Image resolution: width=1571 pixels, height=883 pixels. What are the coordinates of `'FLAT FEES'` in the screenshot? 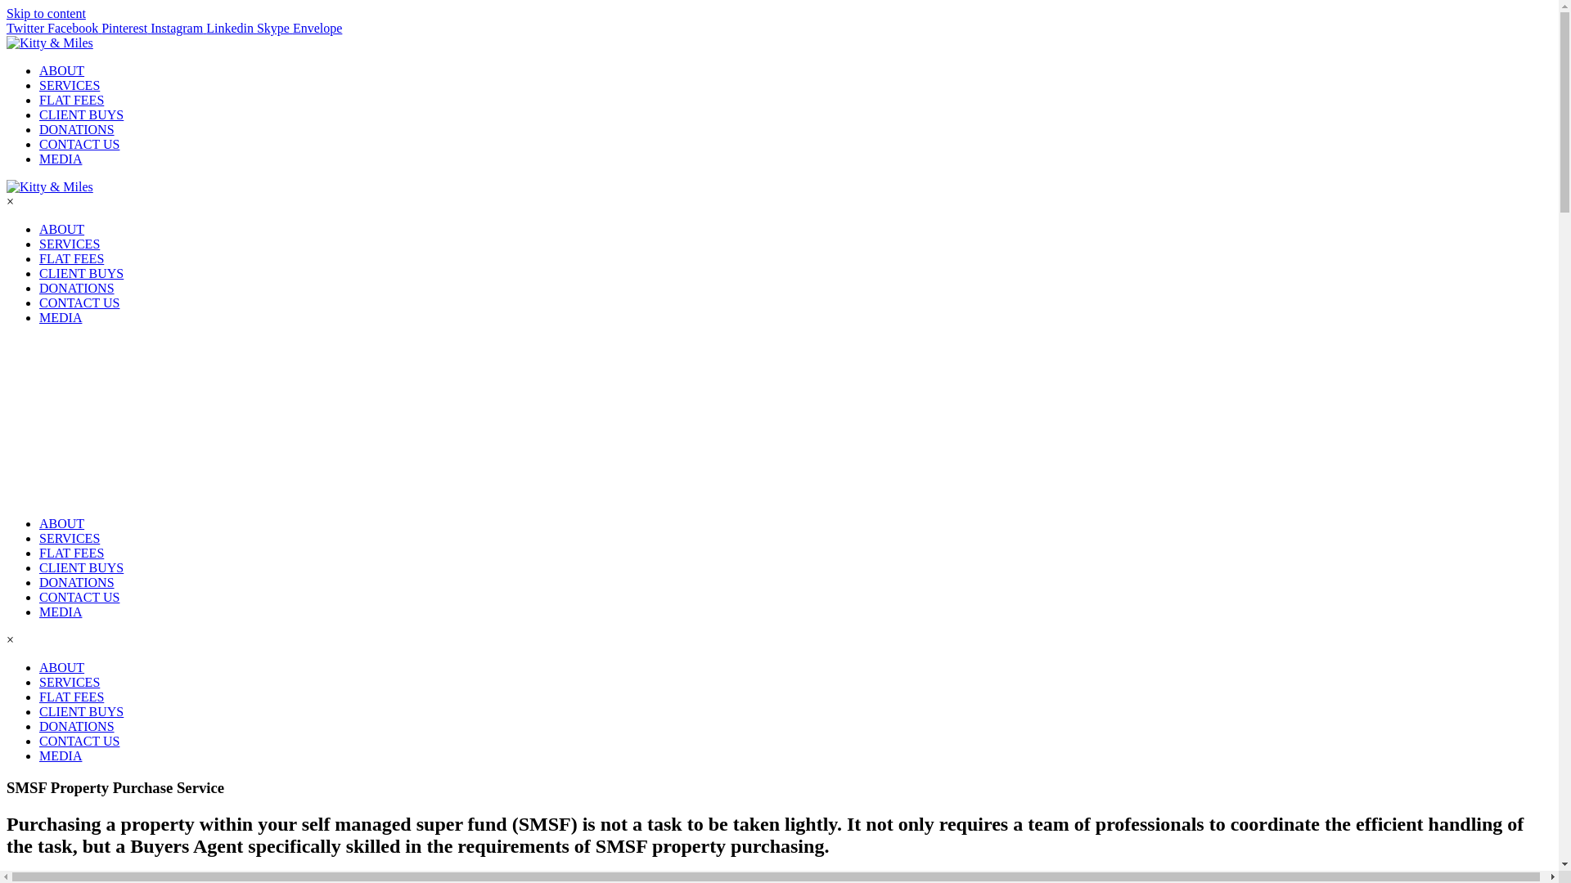 It's located at (768, 75).